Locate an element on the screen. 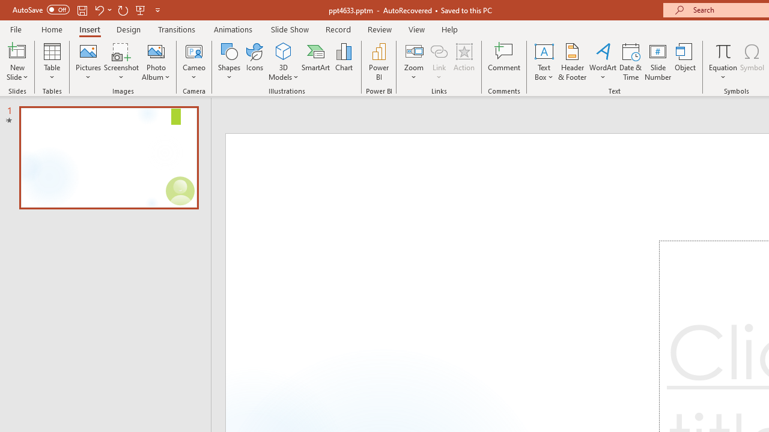 The height and width of the screenshot is (432, 769). 'Slide Number' is located at coordinates (657, 62).